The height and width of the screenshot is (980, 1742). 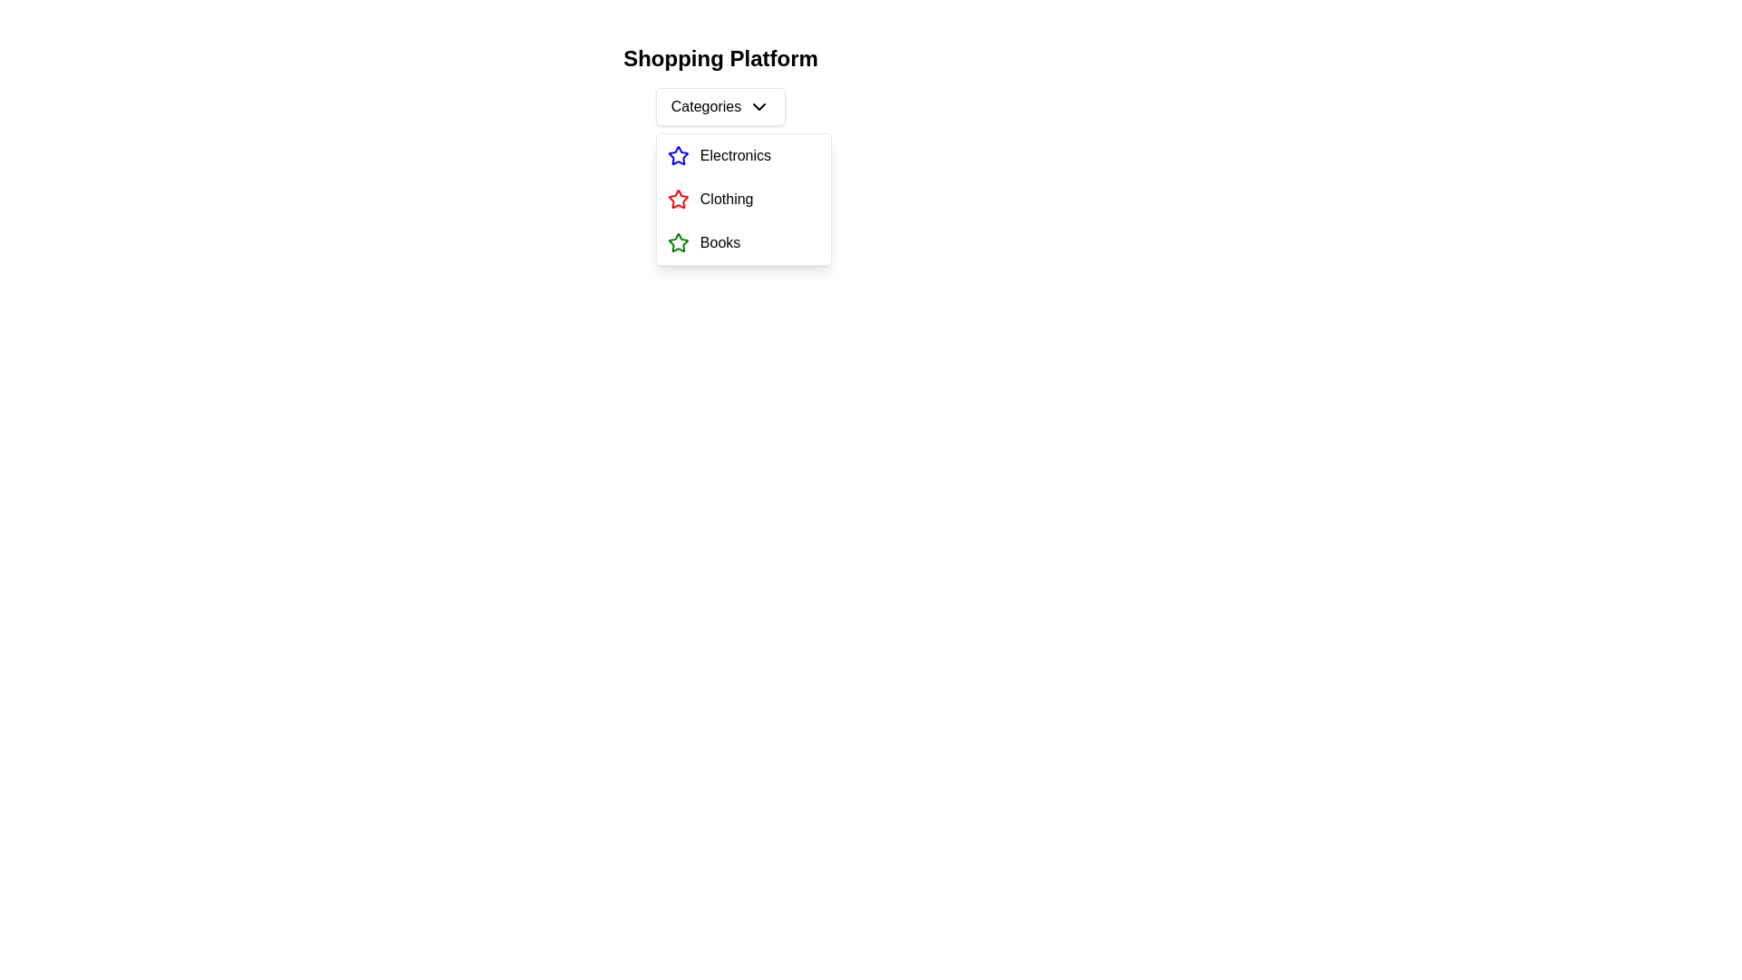 I want to click on the chevron-down icon located on the right side of the 'Categories' dropdown button, so click(x=759, y=107).